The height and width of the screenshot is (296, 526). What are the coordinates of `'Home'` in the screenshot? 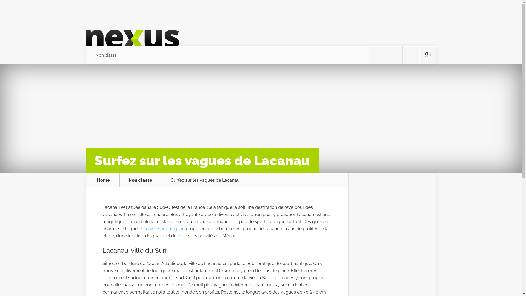 It's located at (103, 180).